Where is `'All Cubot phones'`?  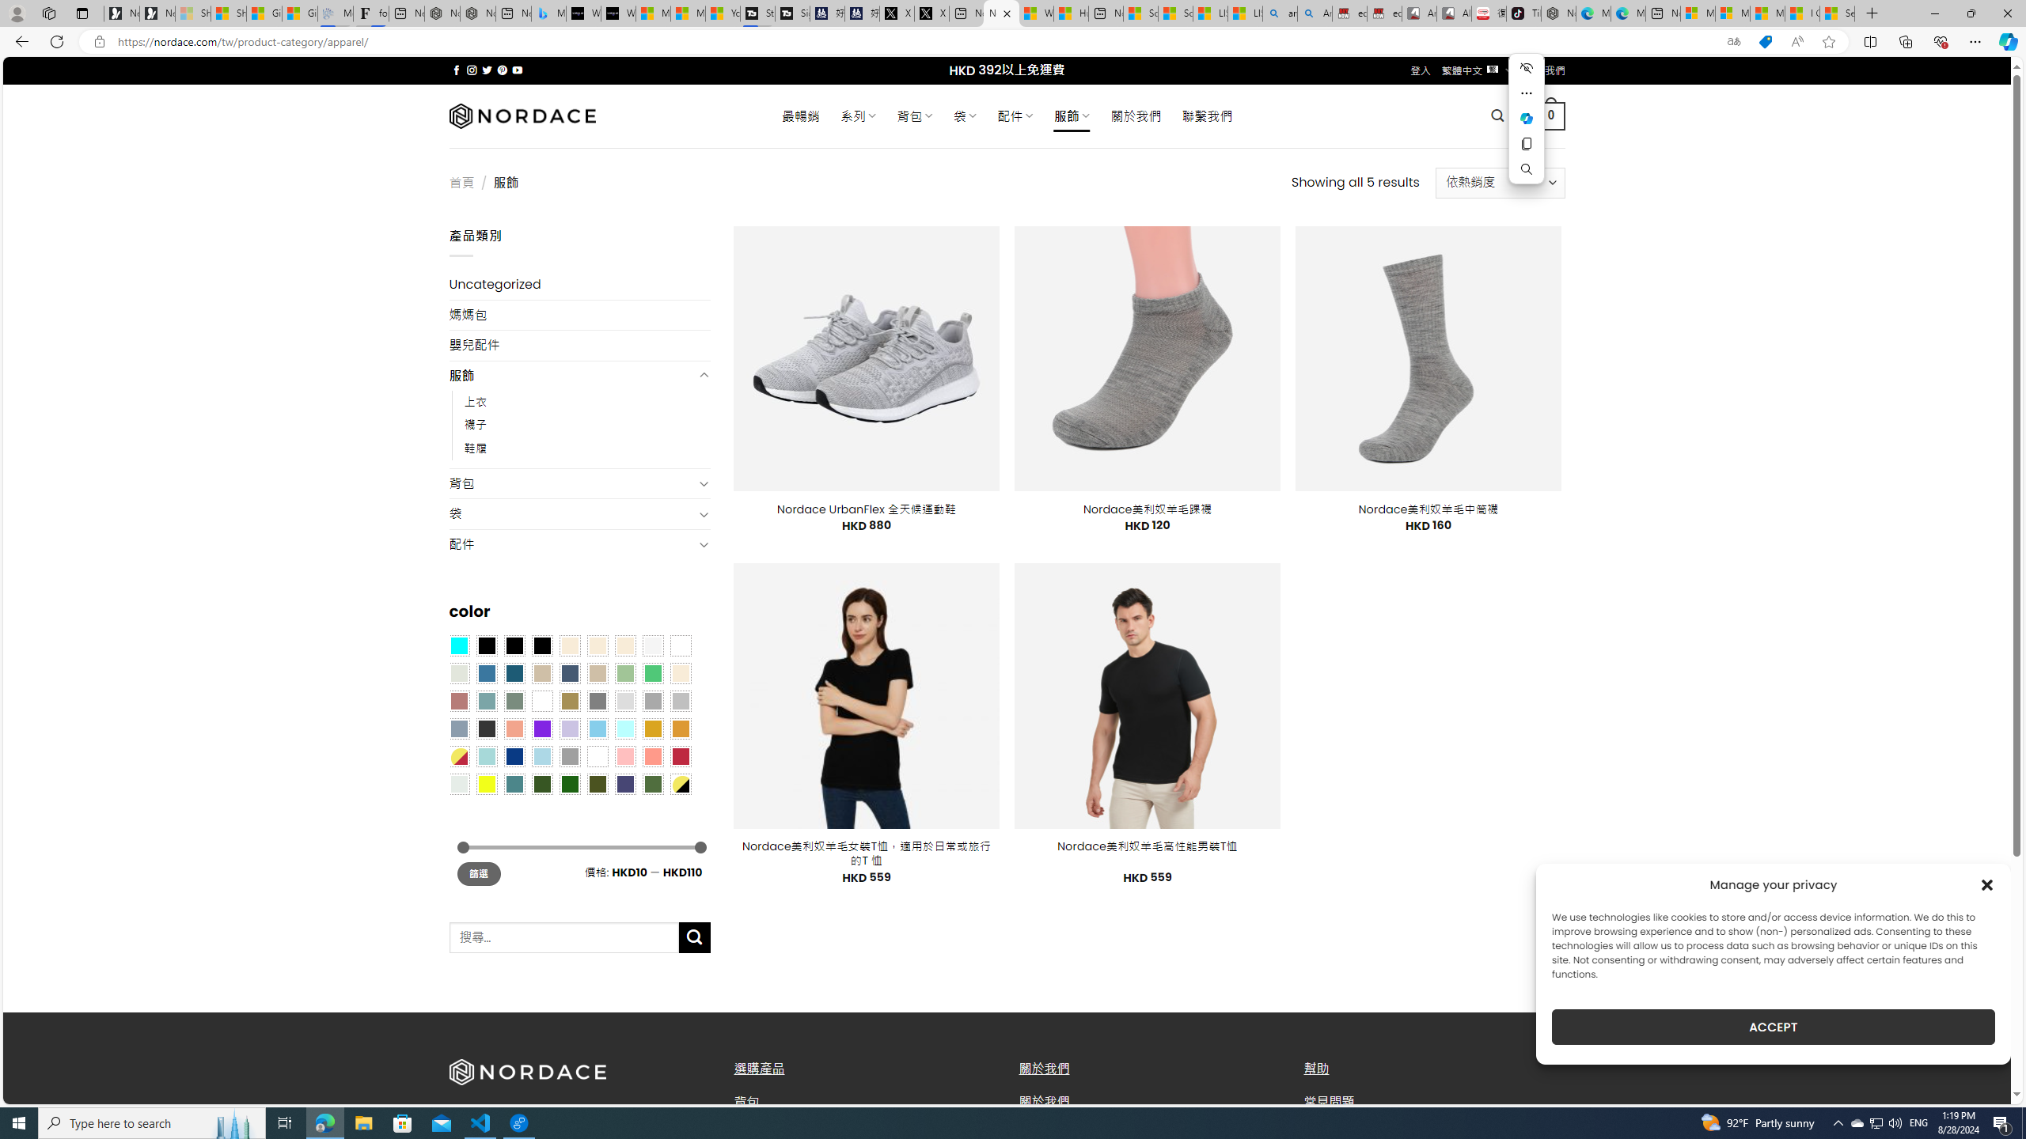
'All Cubot phones' is located at coordinates (1455, 13).